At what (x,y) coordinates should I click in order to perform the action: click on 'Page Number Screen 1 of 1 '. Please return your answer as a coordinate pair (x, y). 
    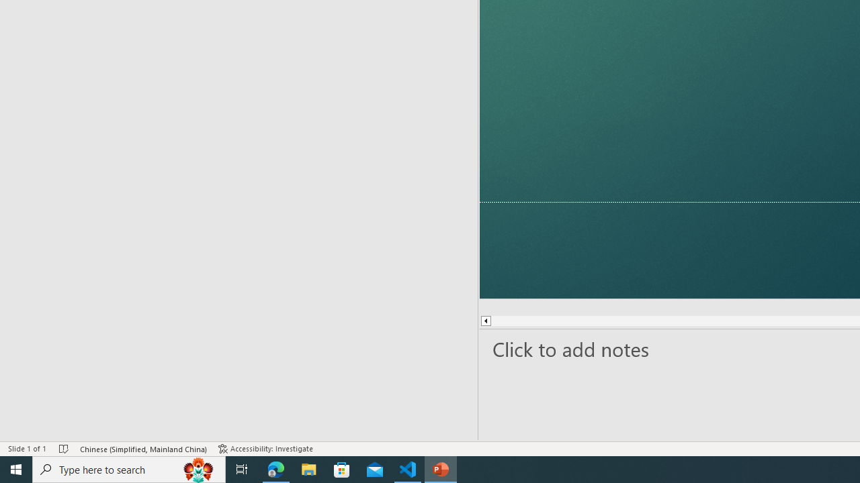
    Looking at the image, I should click on (42, 429).